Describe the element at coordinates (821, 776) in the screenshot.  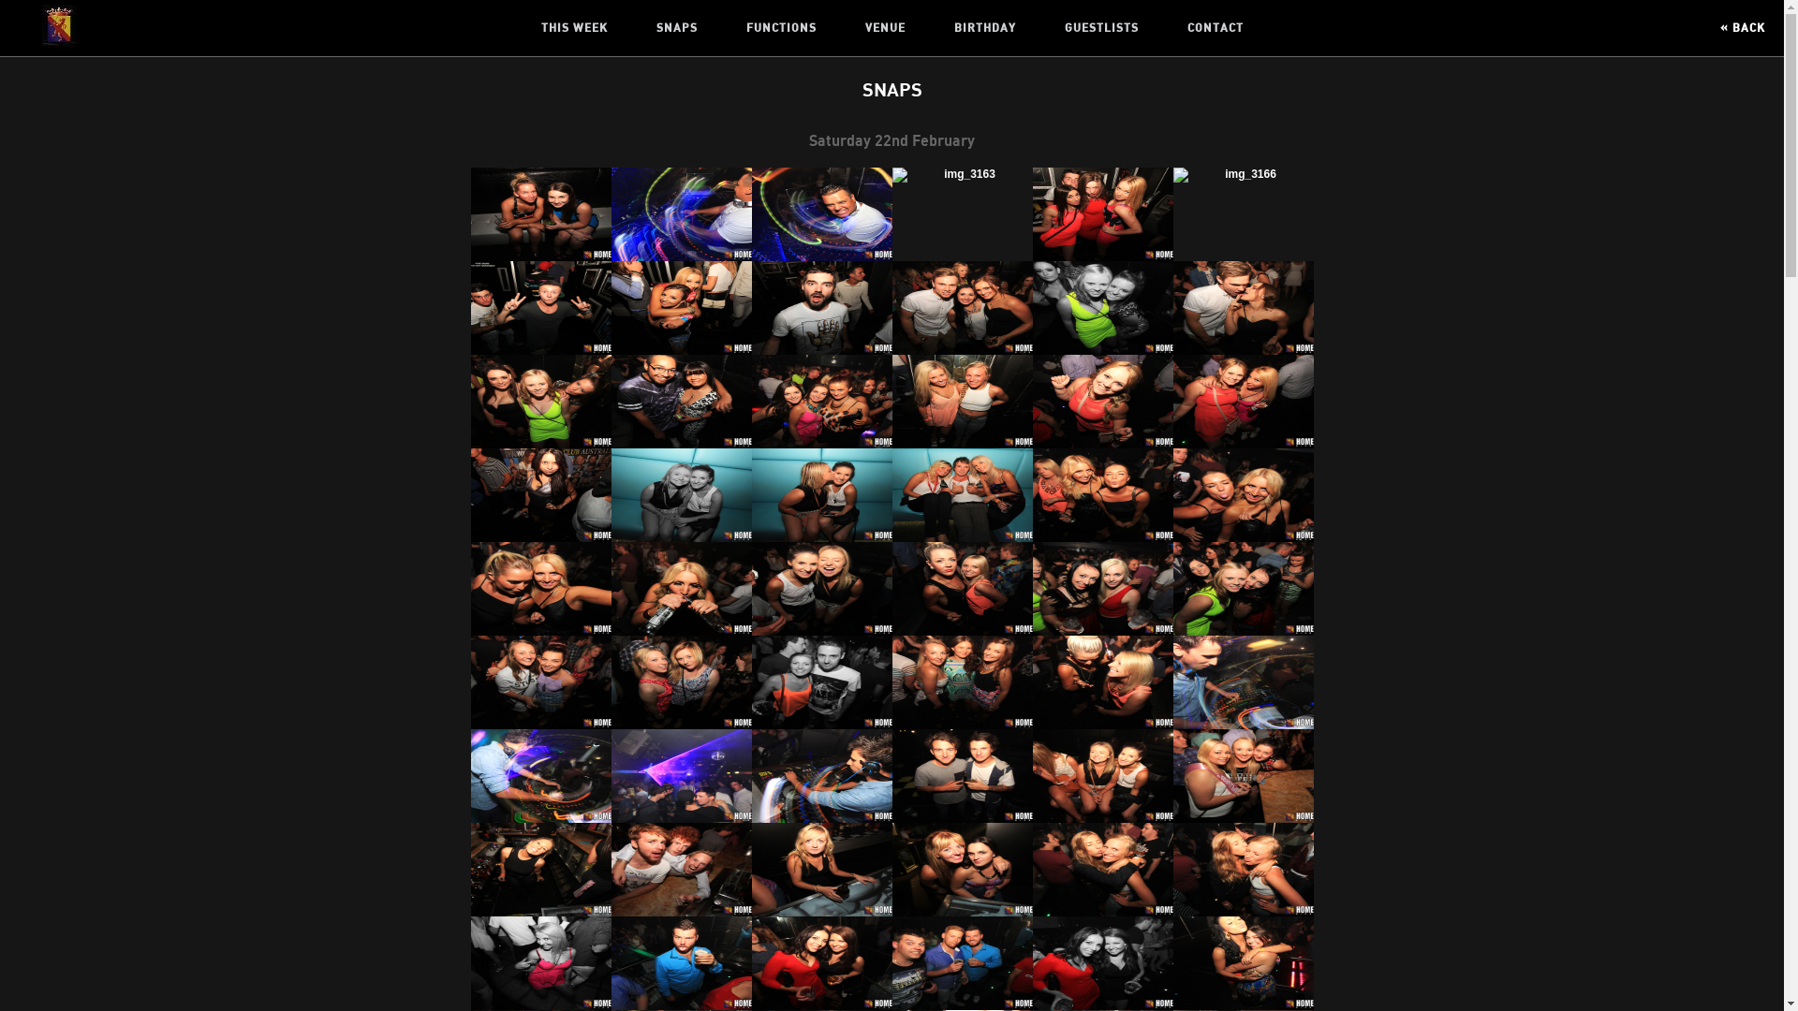
I see `' '` at that location.